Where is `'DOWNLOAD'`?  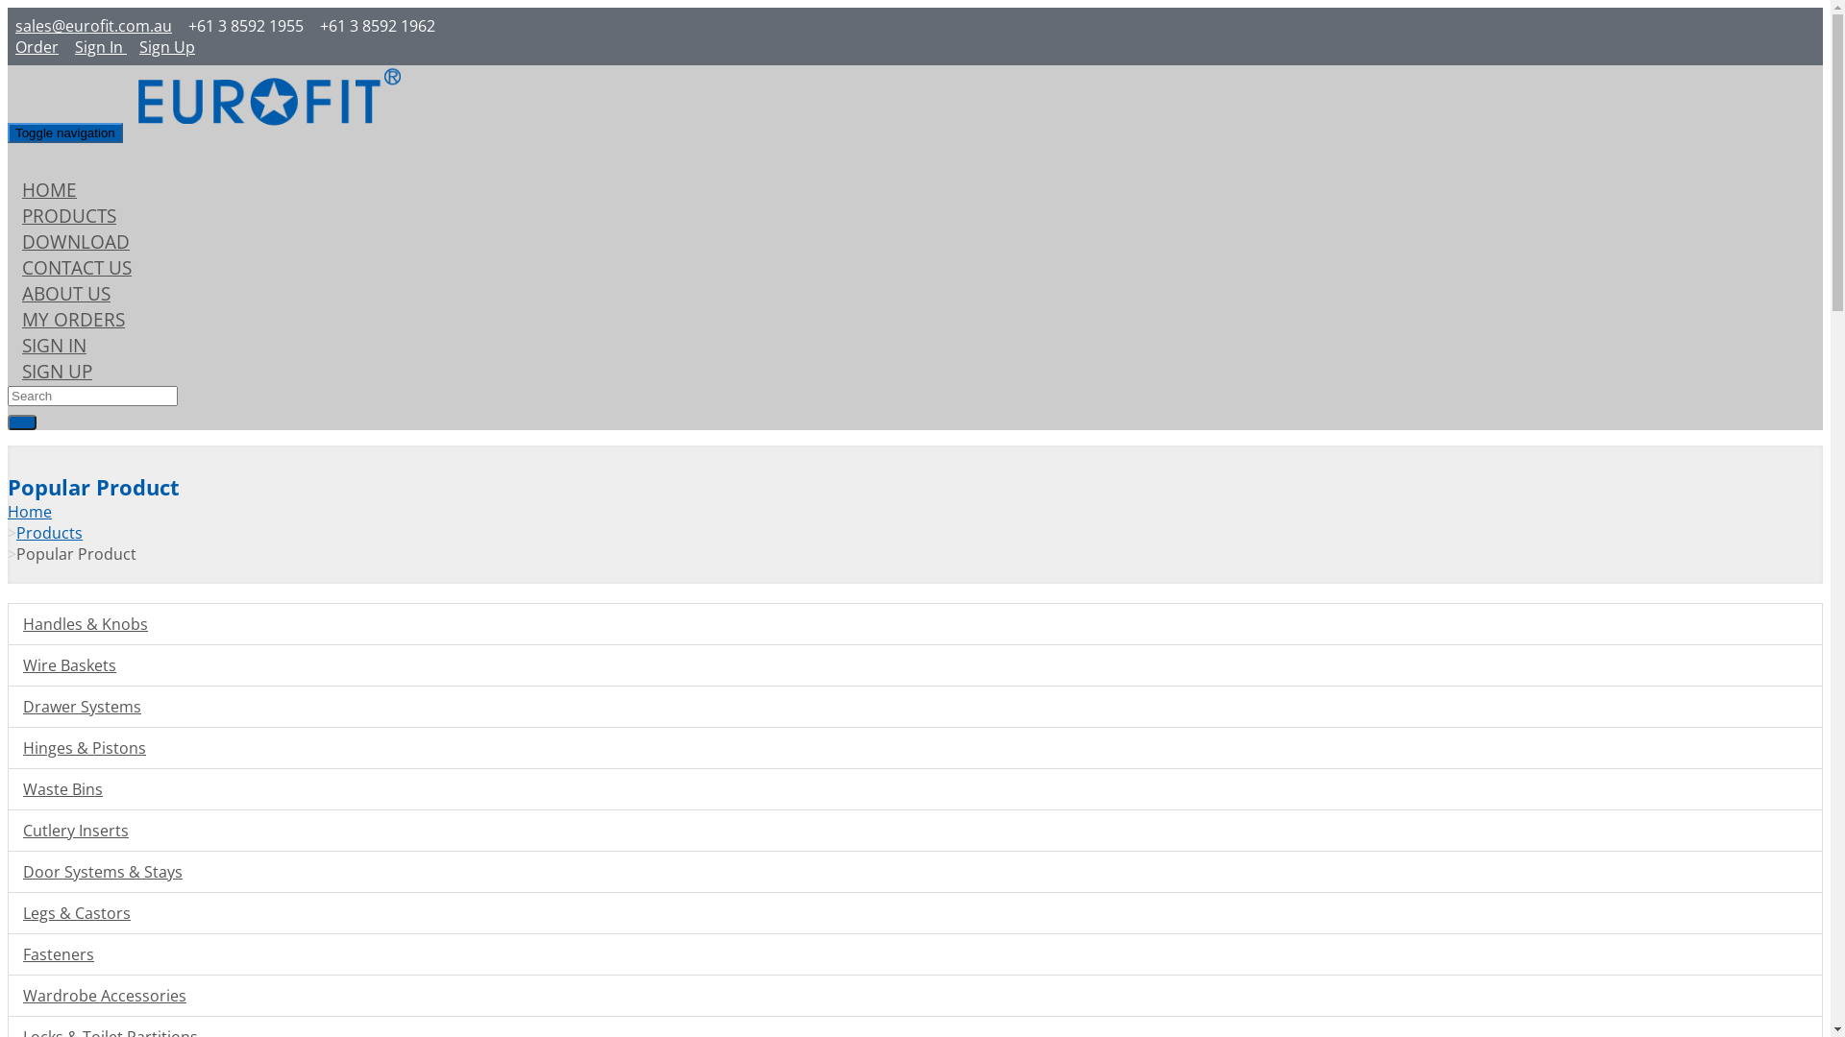 'DOWNLOAD' is located at coordinates (75, 240).